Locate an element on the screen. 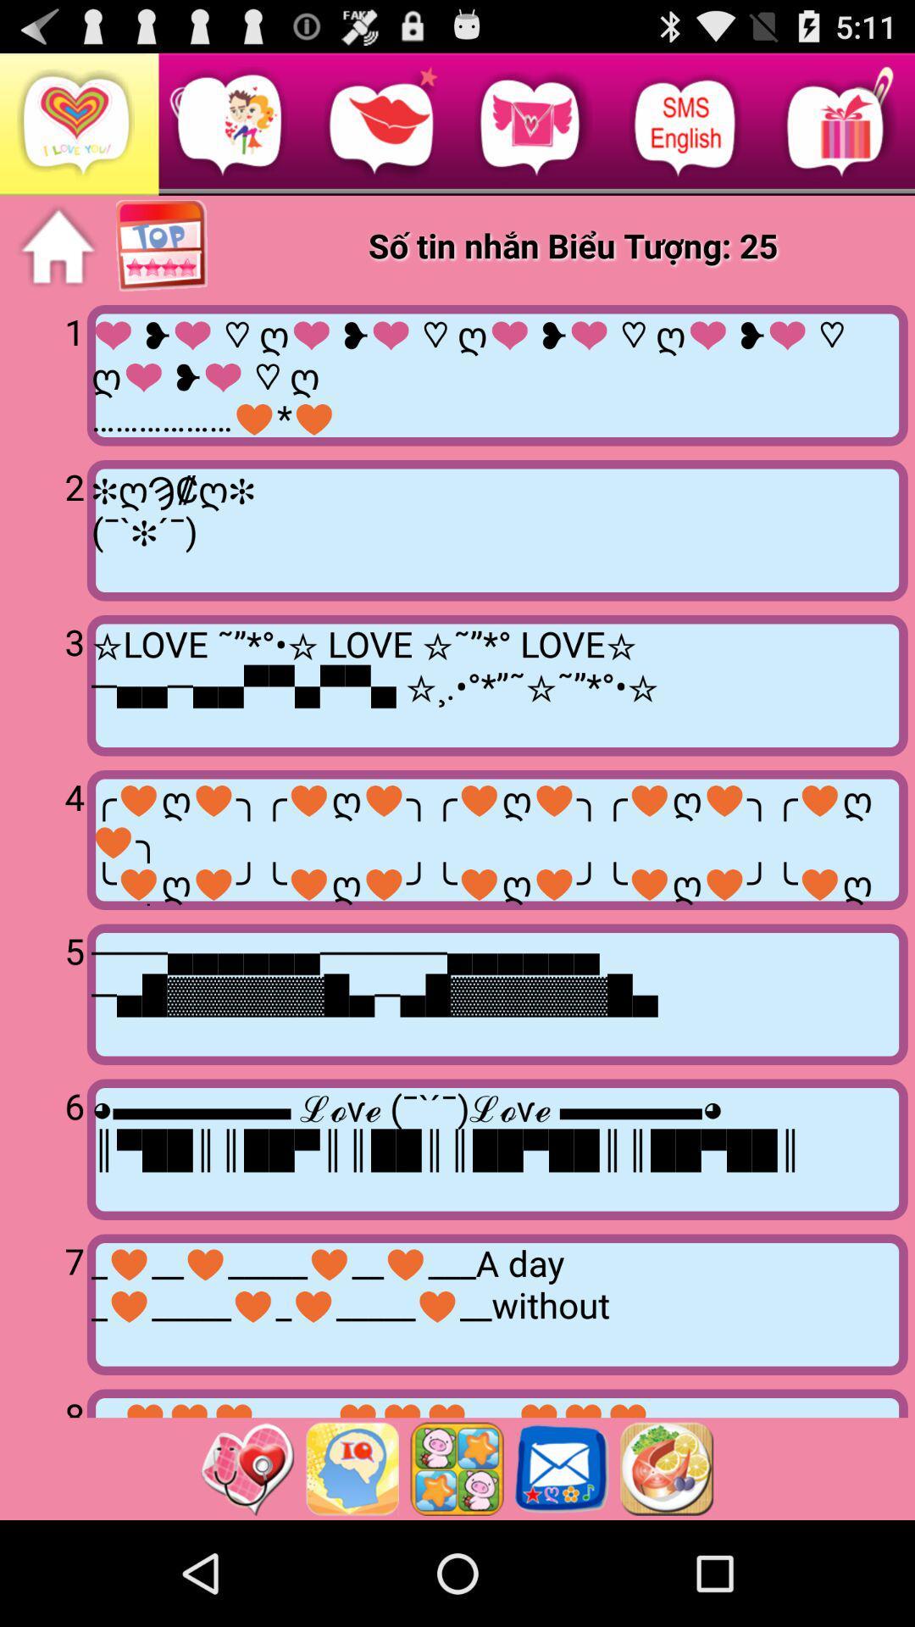 The image size is (915, 1627). the icon to the right of the 1 item is located at coordinates (496, 375).